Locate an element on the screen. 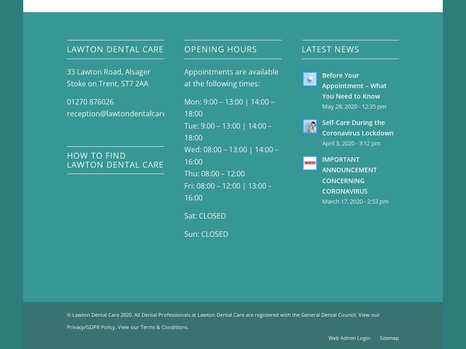 Image resolution: width=466 pixels, height=349 pixels. 'Latest News' is located at coordinates (330, 49).